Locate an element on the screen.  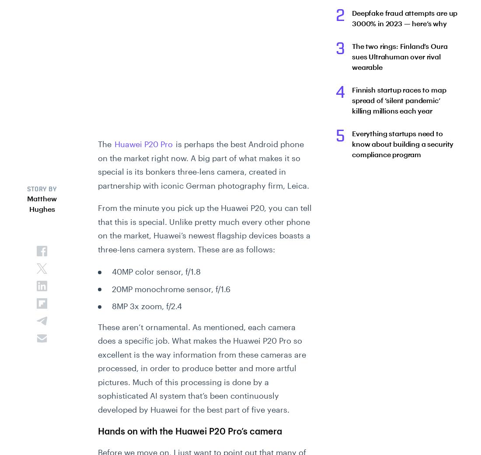
'3' is located at coordinates (340, 49).